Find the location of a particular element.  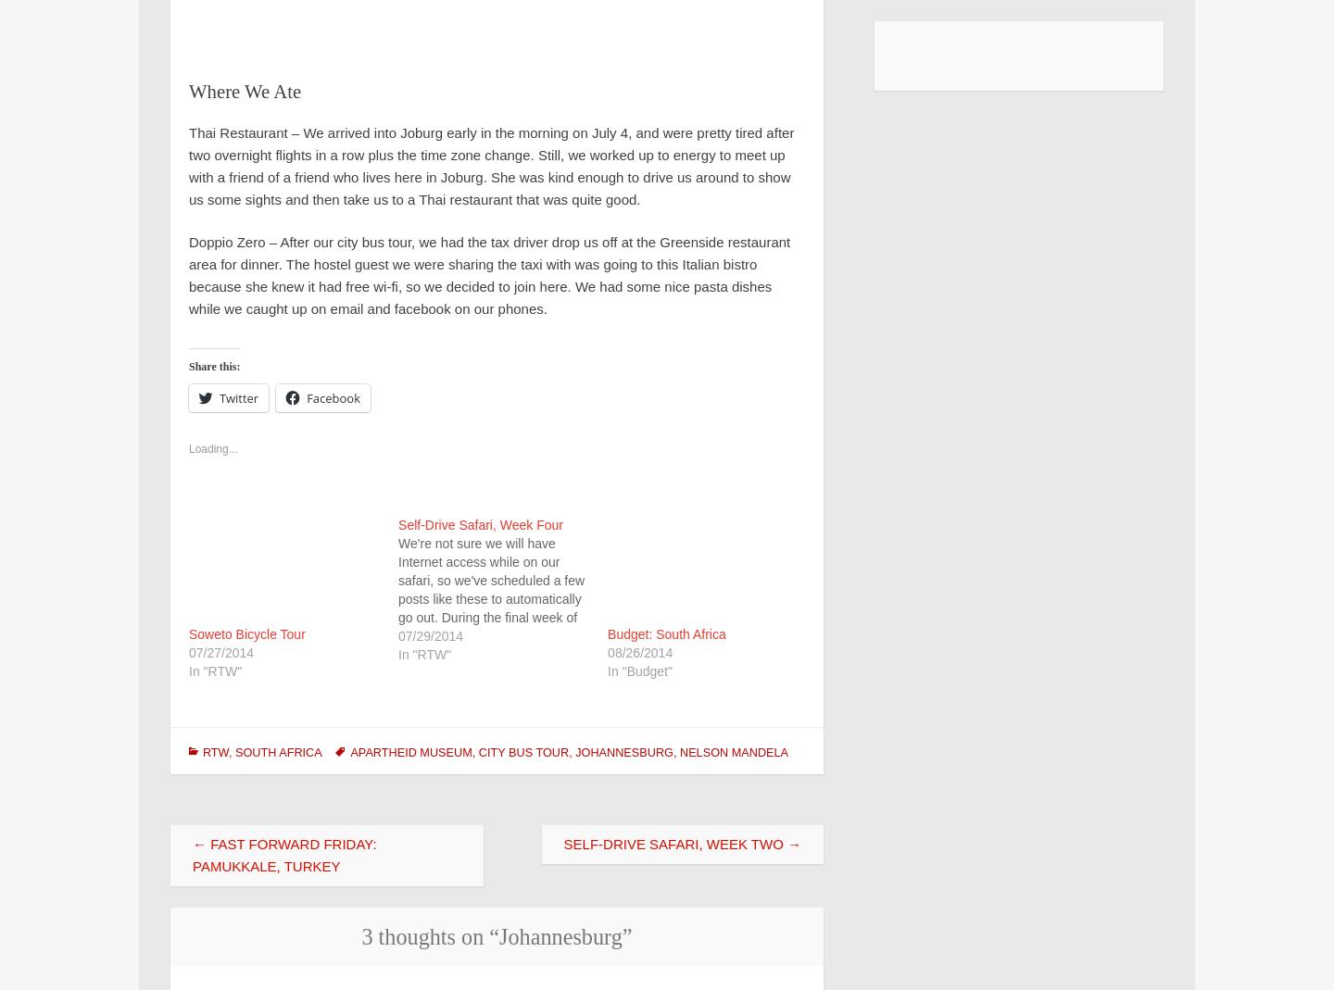

'Doppio Zero – After our city bus tour, we had the tax driver drop us off at the Greenside restaurant area for dinner. The hostel guest we were sharing the taxi with was going to this Italian bistro because she knew it had free wi-fi, so we decided to join here. We had some nice pasta dishes while we caught up on email and facebook on our phones.' is located at coordinates (488, 274).